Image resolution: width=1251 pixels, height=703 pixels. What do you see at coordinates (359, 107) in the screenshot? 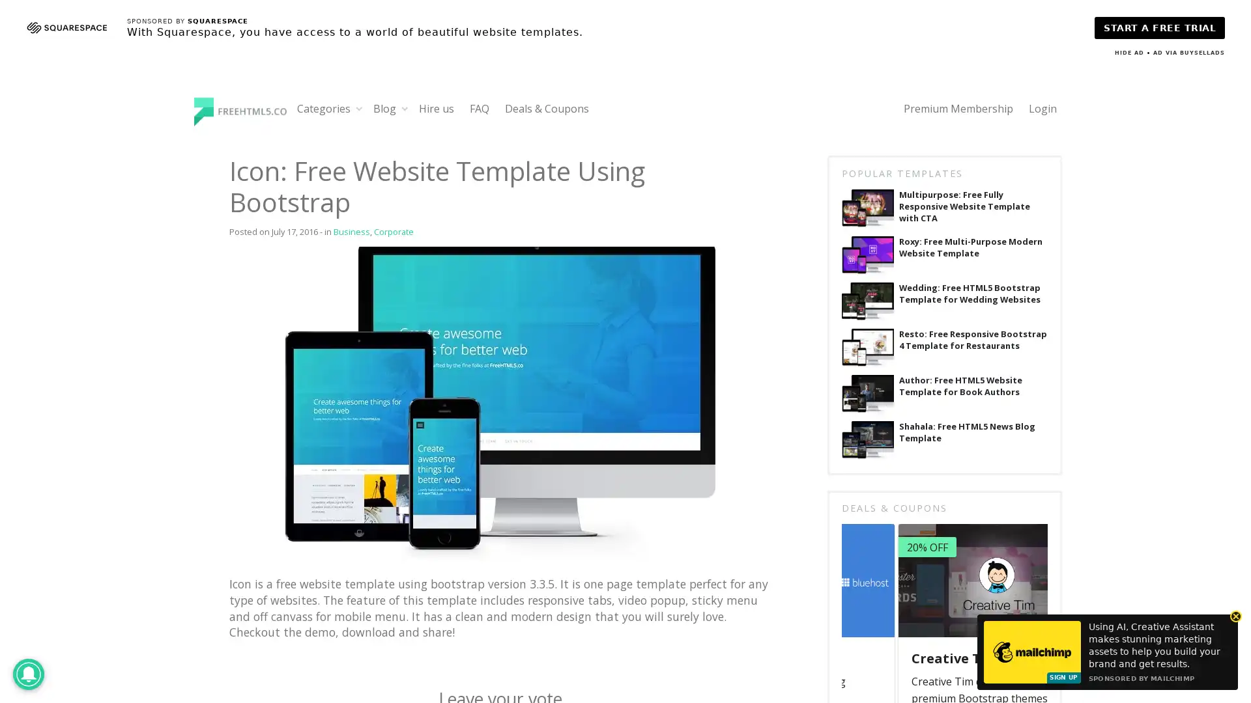
I see `Expand child menu` at bounding box center [359, 107].